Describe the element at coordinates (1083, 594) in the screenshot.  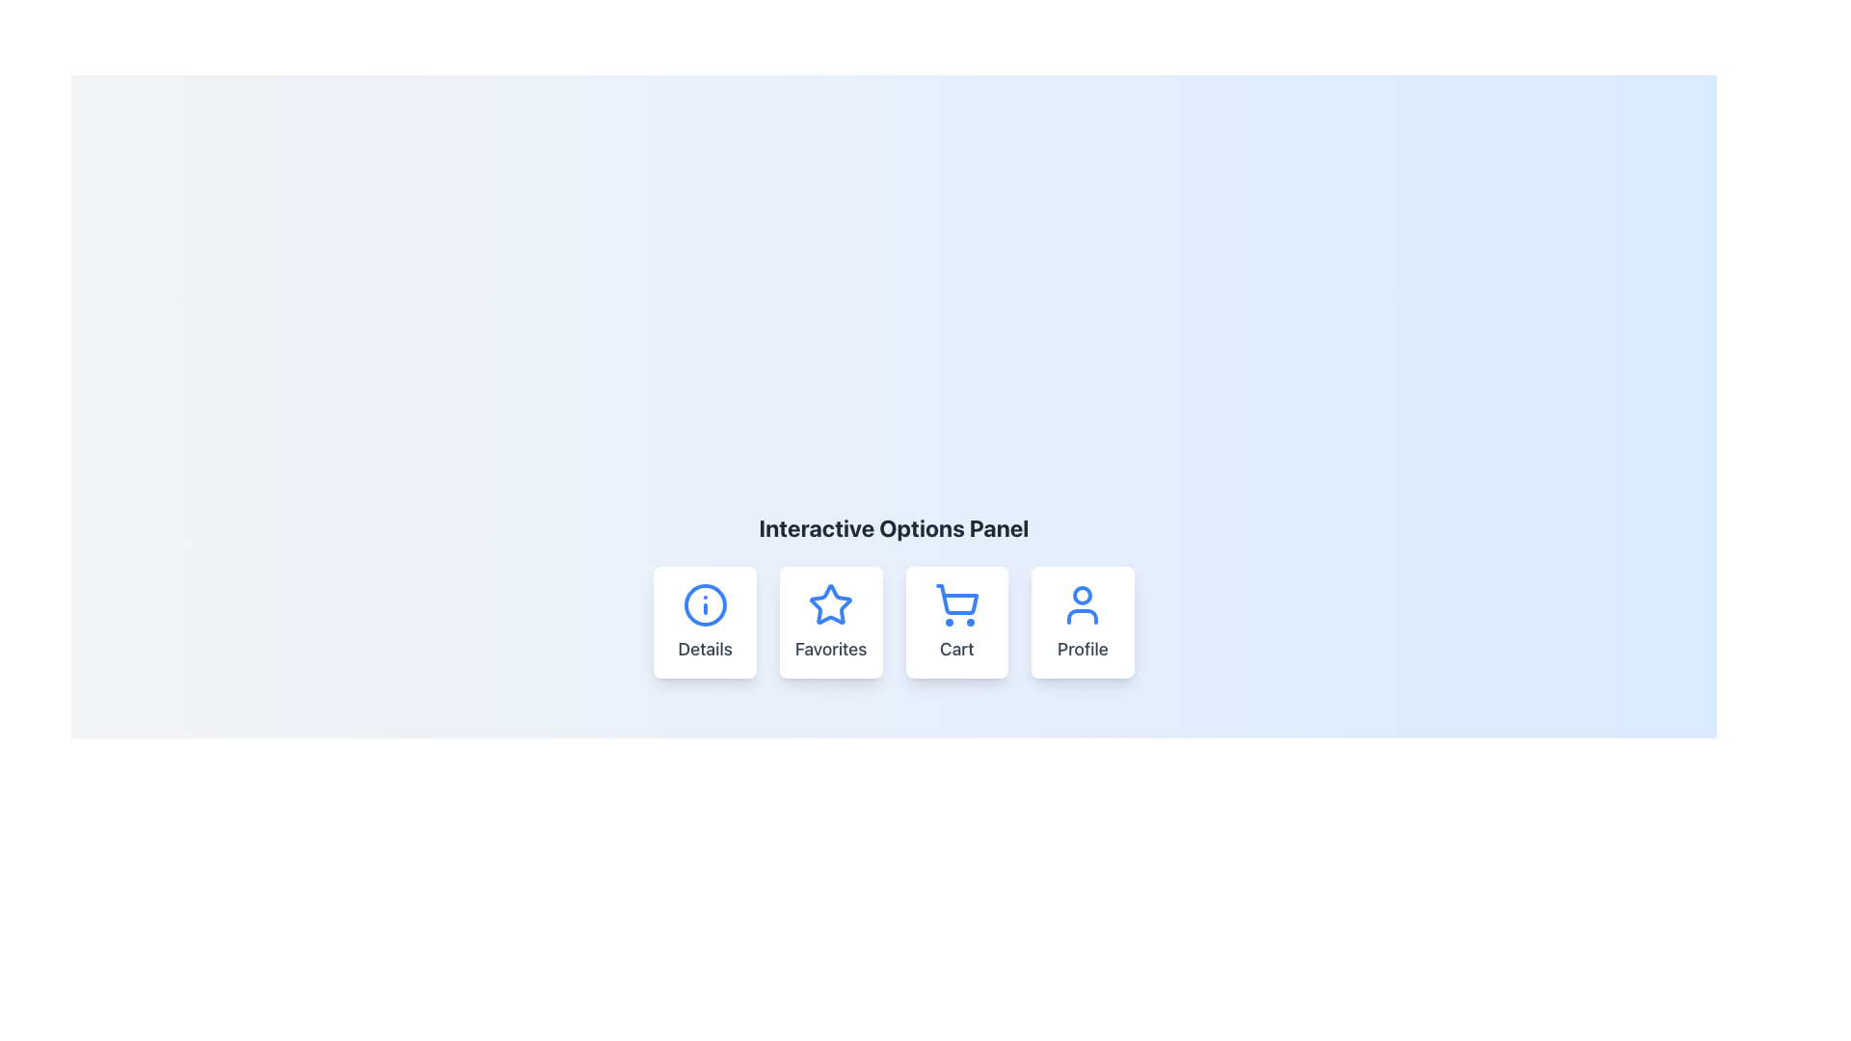
I see `the circular component of the user's profile icon located at the top-center part of the profile icon in the 'Profile' section, which is the fourth option from the left in the row of icons` at that location.